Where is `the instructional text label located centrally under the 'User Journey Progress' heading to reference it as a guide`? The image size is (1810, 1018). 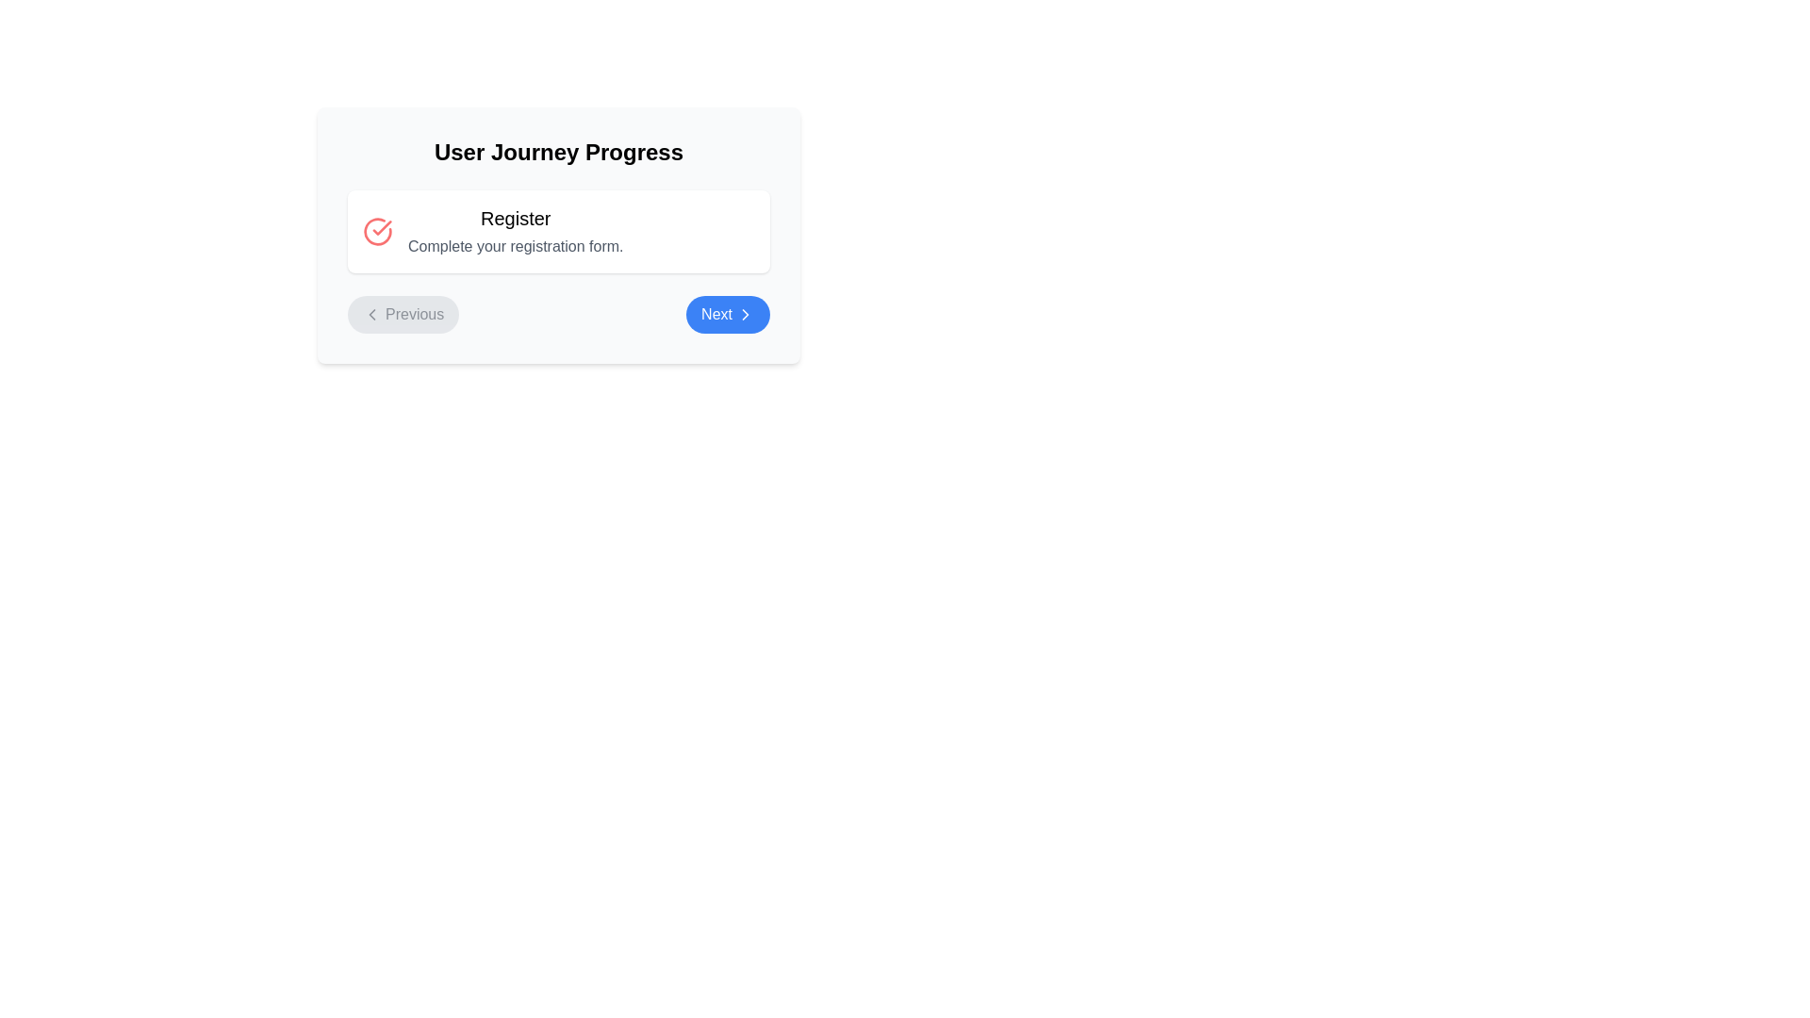 the instructional text label located centrally under the 'User Journey Progress' heading to reference it as a guide is located at coordinates (516, 246).